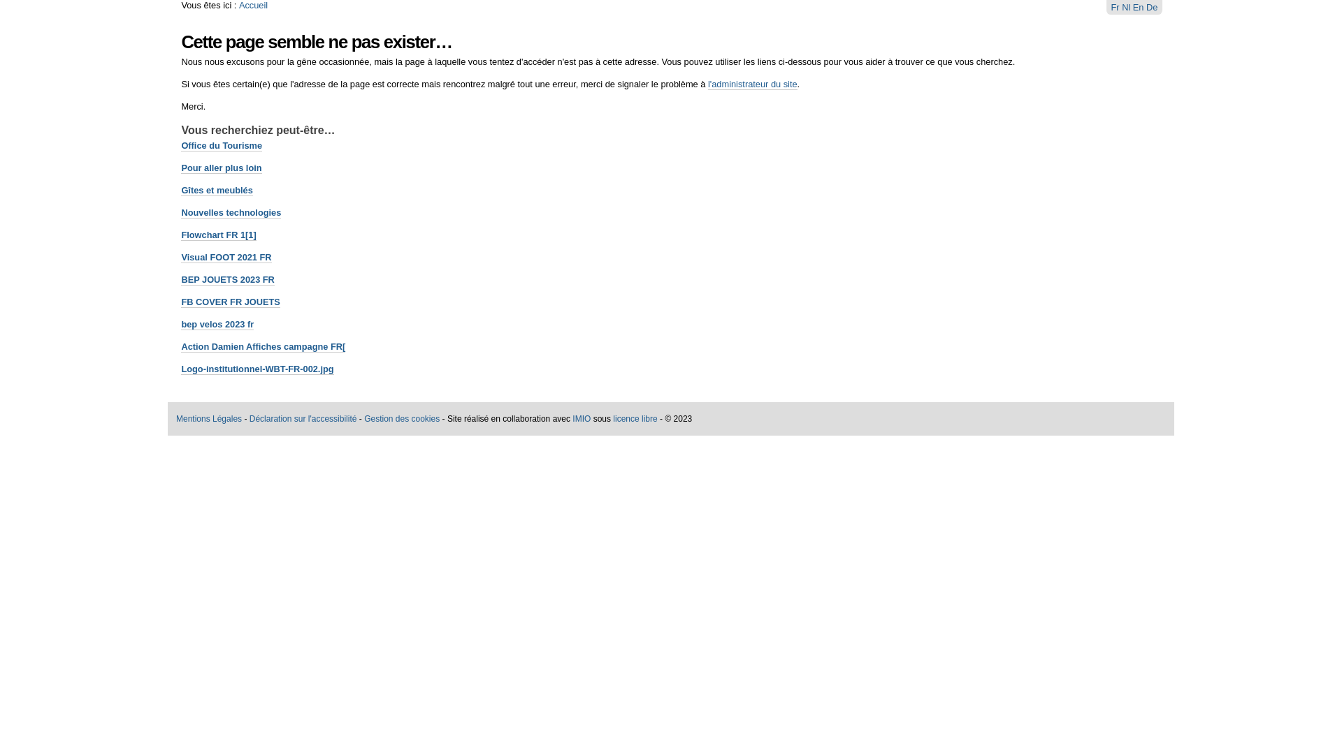 The image size is (1342, 754). Describe the element at coordinates (1121, 7) in the screenshot. I see `'Nl'` at that location.